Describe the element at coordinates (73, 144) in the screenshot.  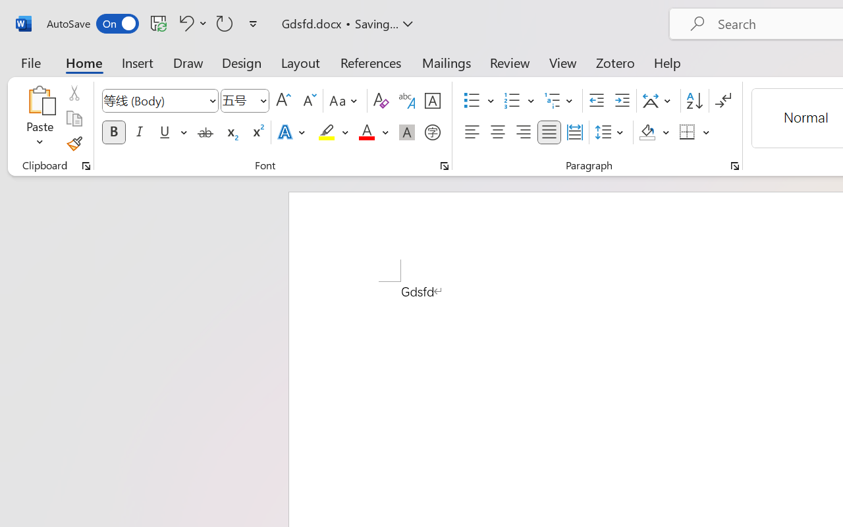
I see `'Format Painter'` at that location.